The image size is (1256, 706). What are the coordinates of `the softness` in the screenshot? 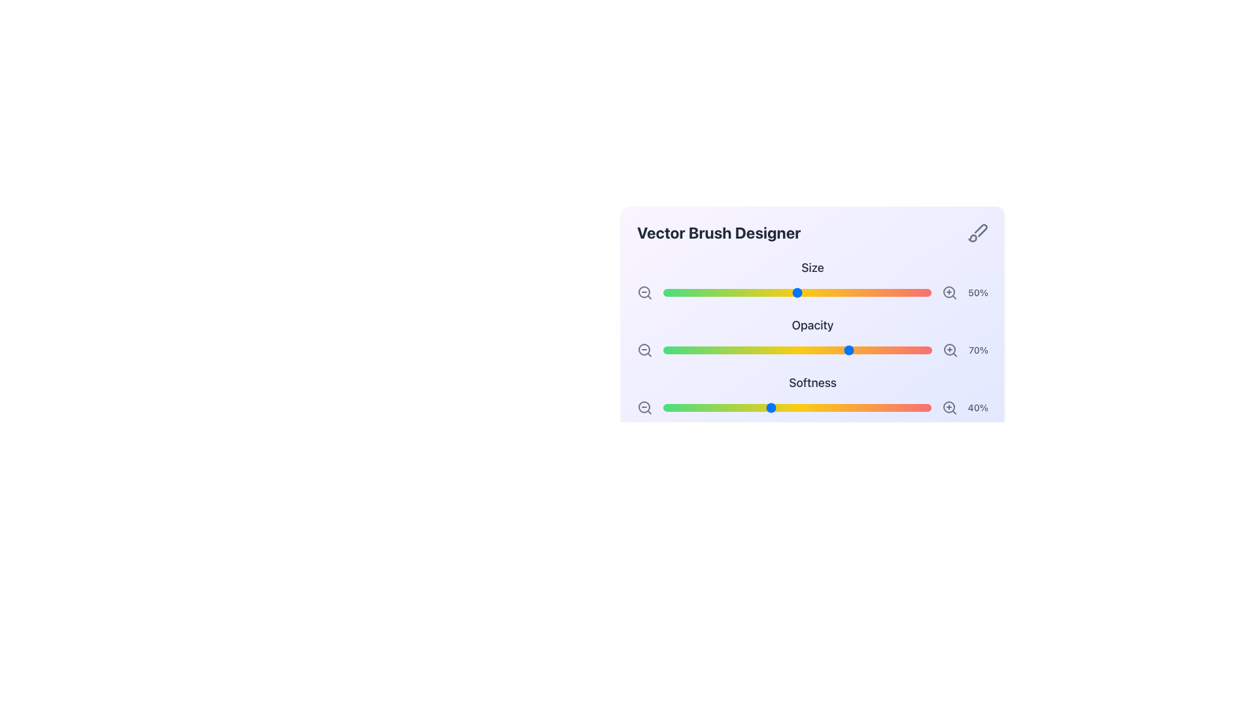 It's located at (796, 407).